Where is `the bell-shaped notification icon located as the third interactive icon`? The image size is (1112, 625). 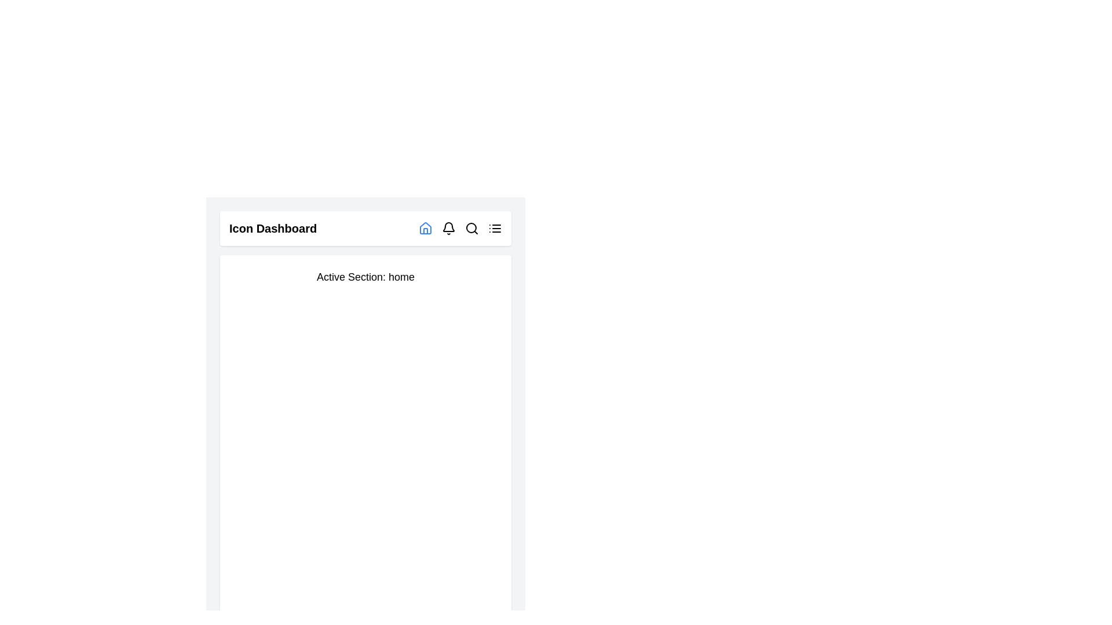
the bell-shaped notification icon located as the third interactive icon is located at coordinates (448, 228).